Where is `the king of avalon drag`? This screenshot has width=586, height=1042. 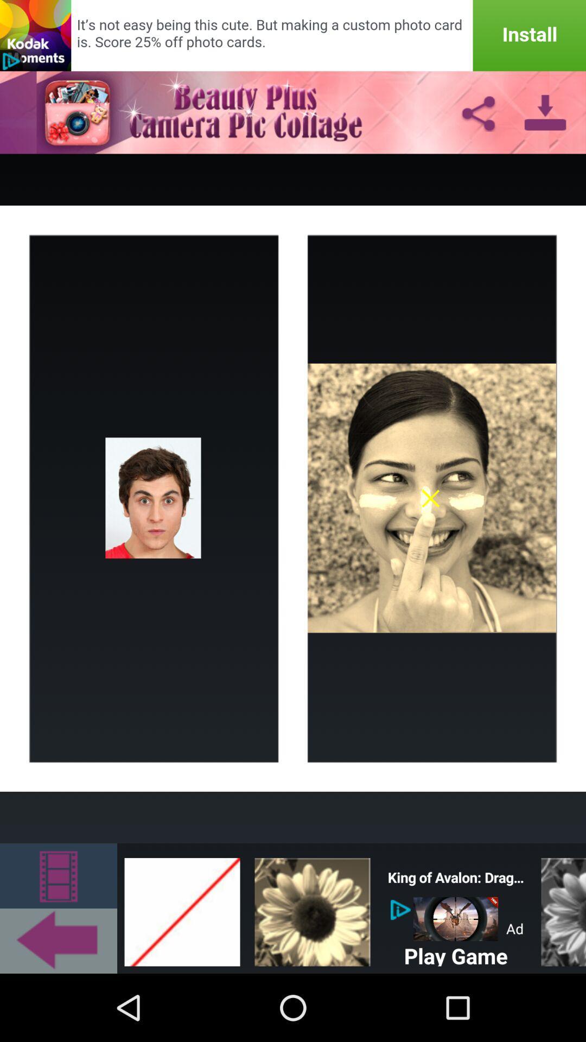
the king of avalon drag is located at coordinates (456, 878).